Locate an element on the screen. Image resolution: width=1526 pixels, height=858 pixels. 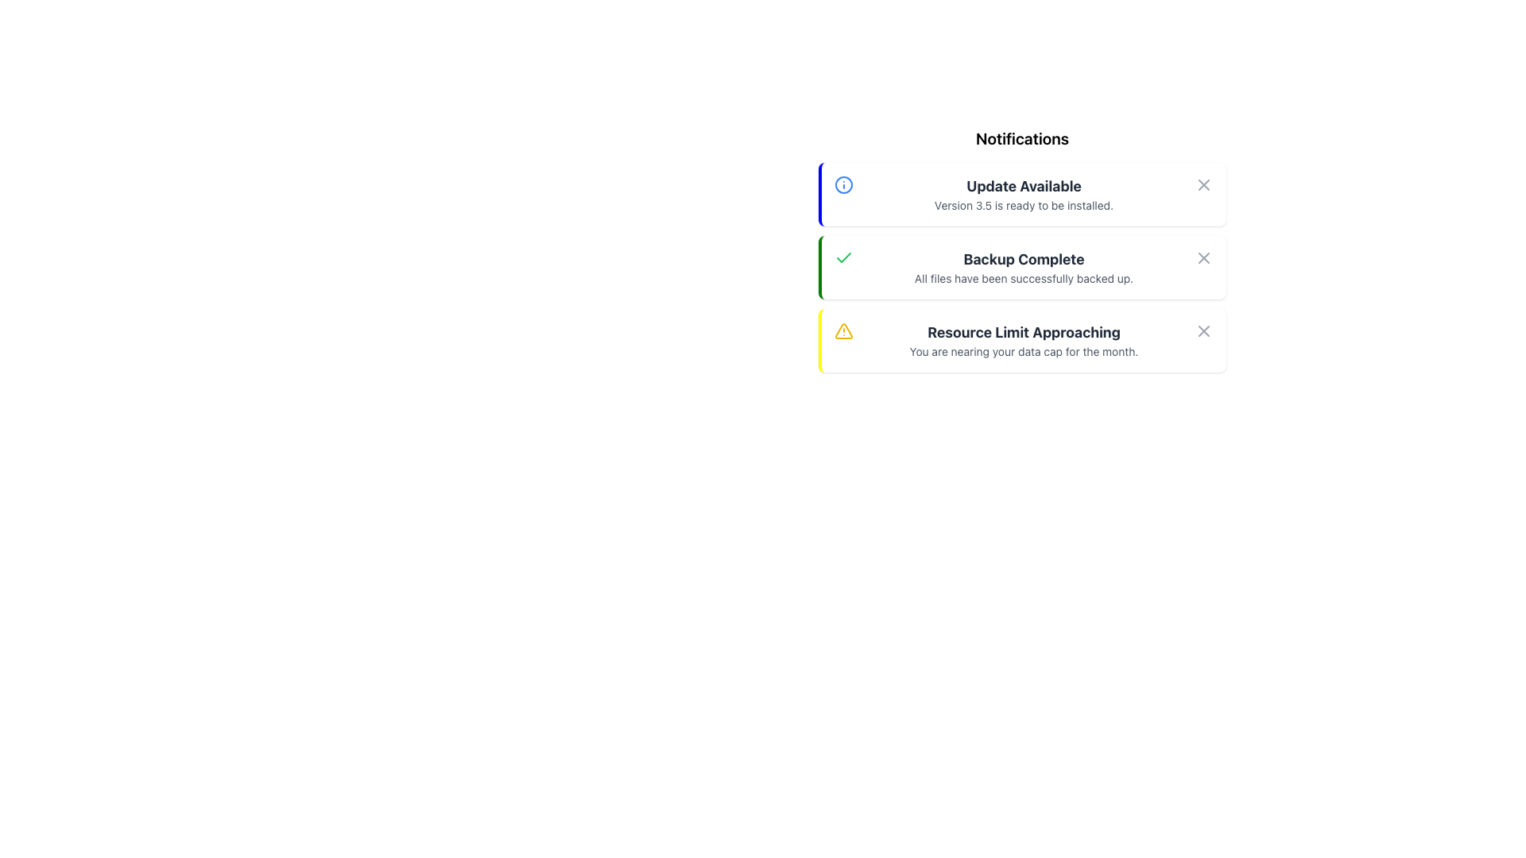
the 'Notifications' text header, which is a large, bold label positioned at the top of the panel containing notification items is located at coordinates (1022, 137).